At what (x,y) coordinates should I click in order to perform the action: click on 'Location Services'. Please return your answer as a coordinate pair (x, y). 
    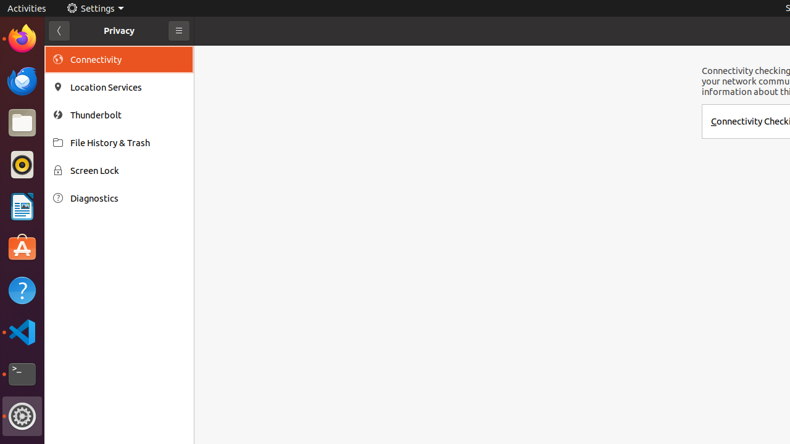
    Looking at the image, I should click on (127, 86).